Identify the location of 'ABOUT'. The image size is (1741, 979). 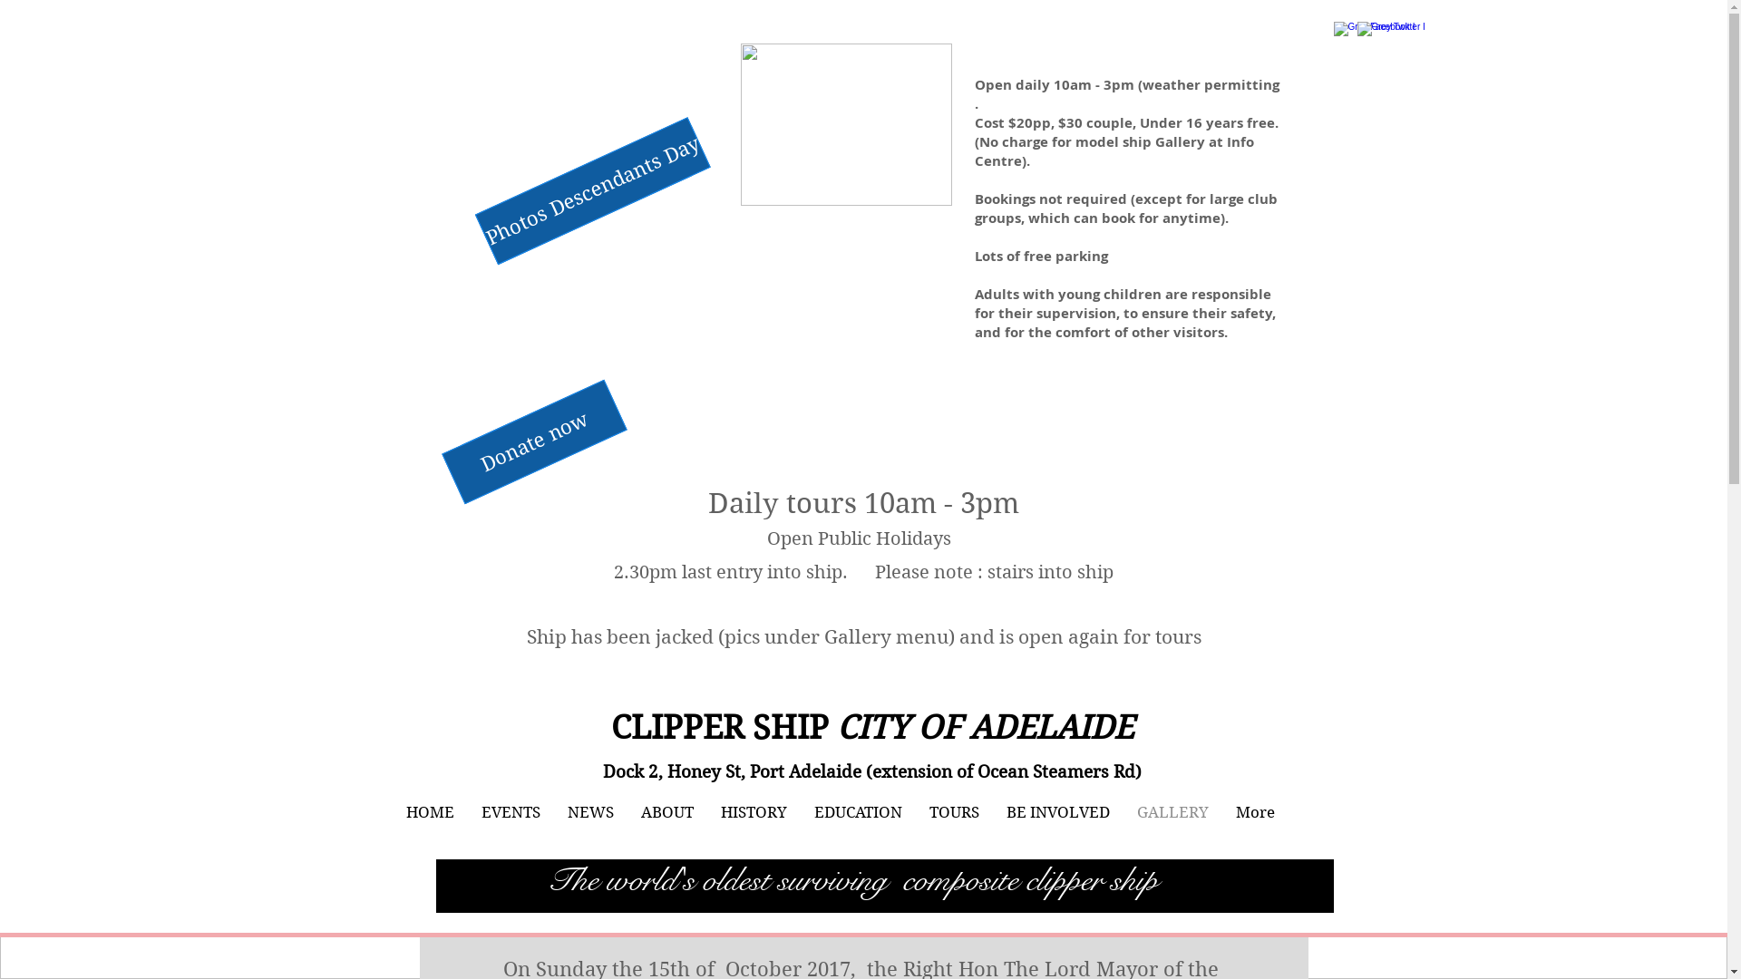
(666, 811).